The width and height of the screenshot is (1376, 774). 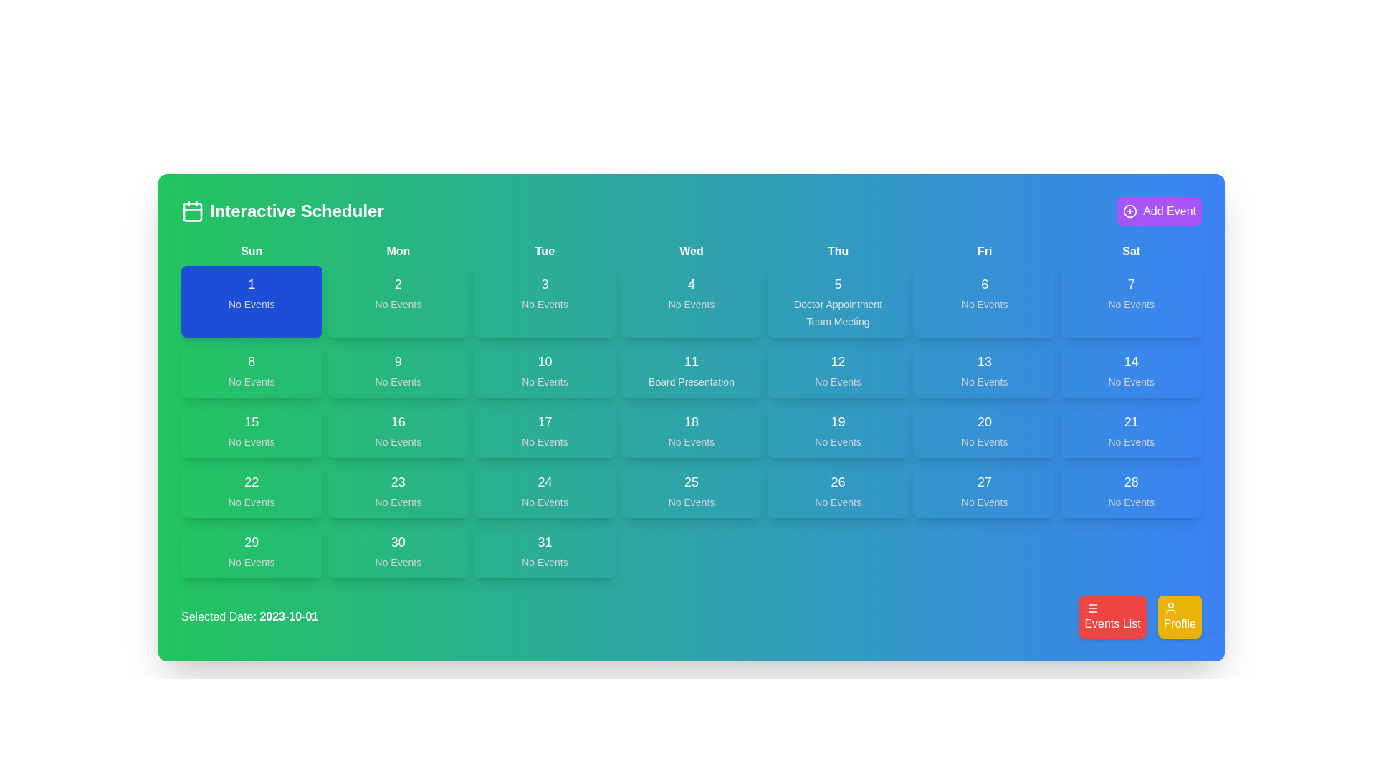 I want to click on the informational display box indicating the 14th day of the month in the calendar view, located in the seventh column and third row under the 'Sat' header, so click(x=1130, y=369).